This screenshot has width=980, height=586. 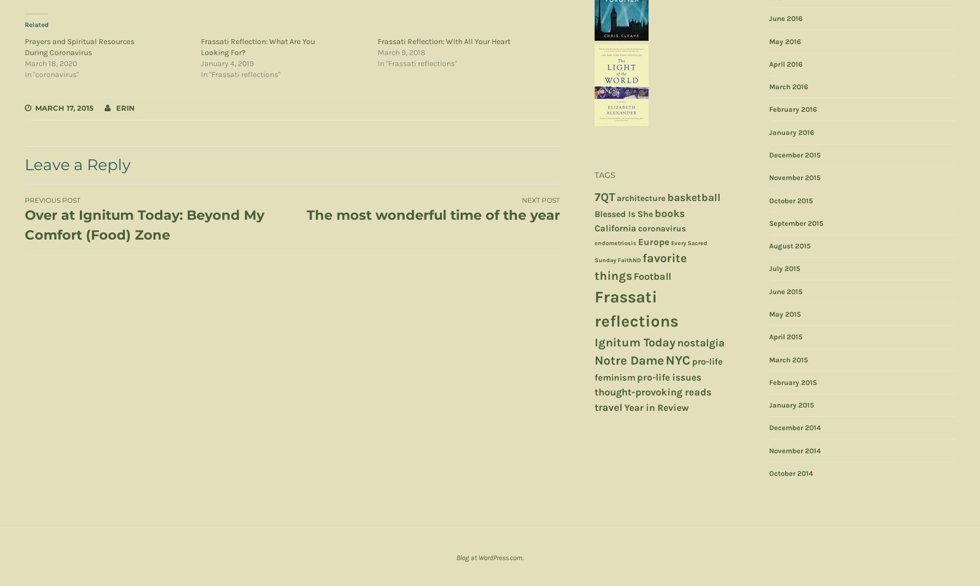 What do you see at coordinates (637, 228) in the screenshot?
I see `'coronavirus'` at bounding box center [637, 228].